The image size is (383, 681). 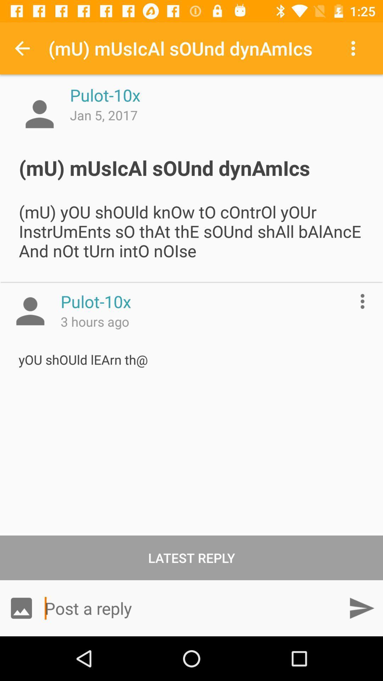 I want to click on icon below latest reply item, so click(x=191, y=608).